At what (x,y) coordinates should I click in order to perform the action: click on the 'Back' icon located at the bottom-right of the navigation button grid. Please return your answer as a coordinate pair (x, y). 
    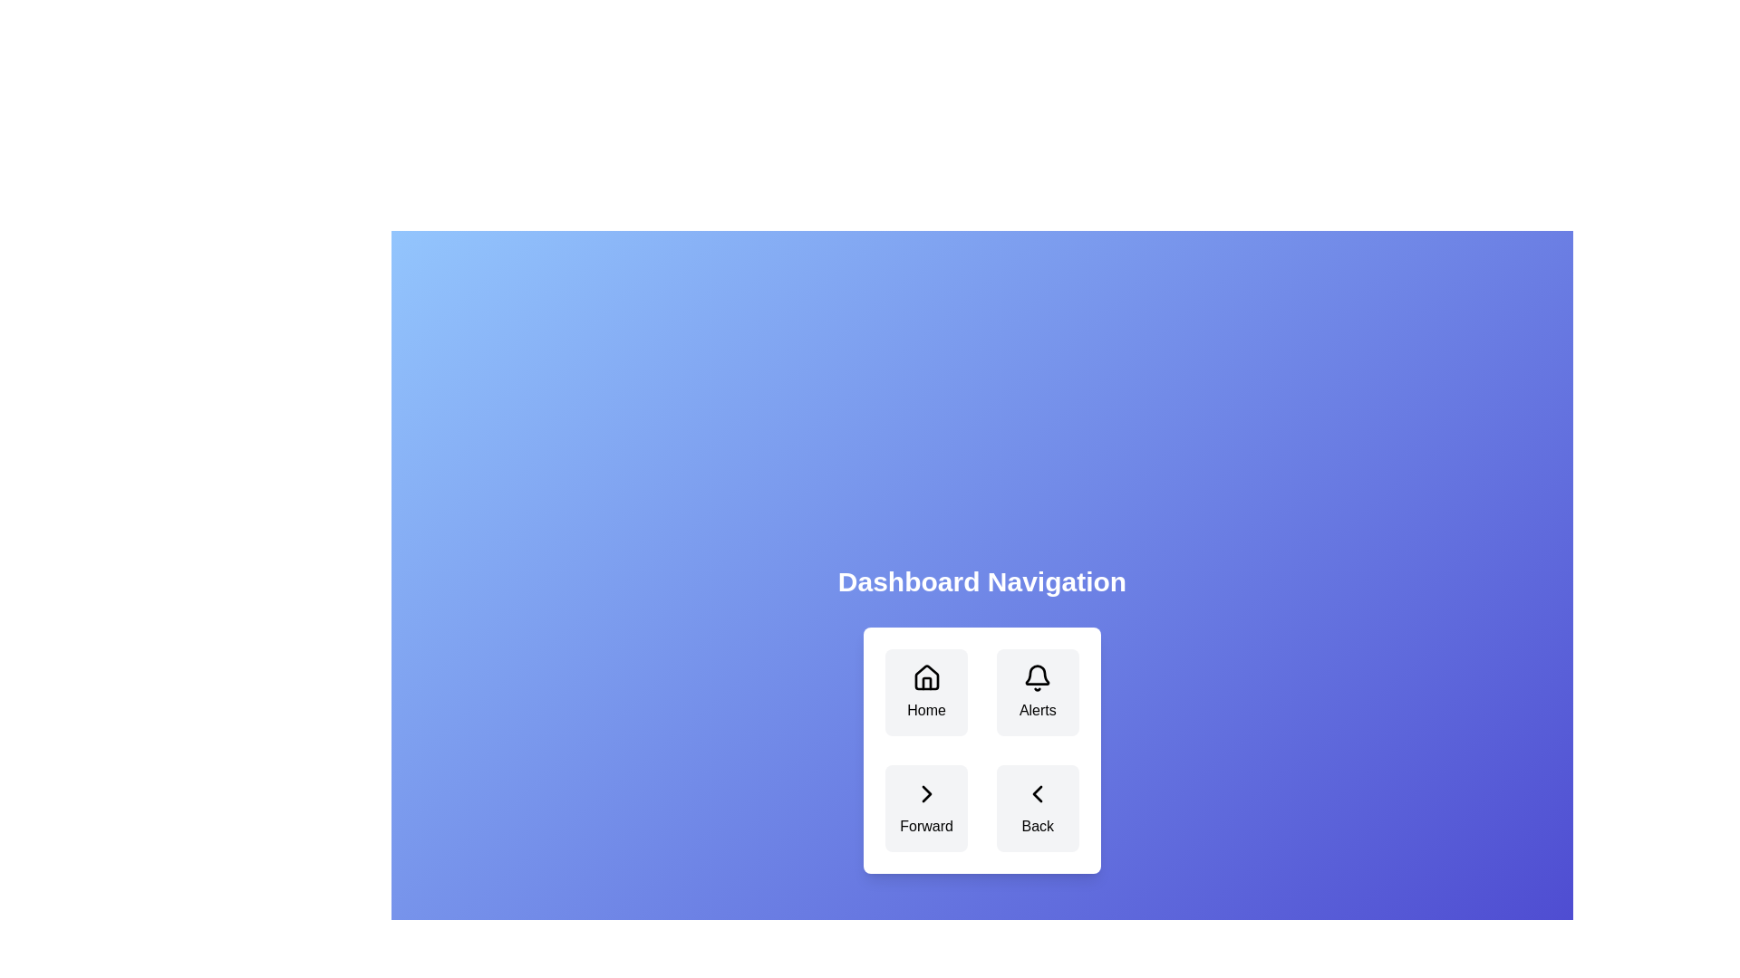
    Looking at the image, I should click on (1038, 792).